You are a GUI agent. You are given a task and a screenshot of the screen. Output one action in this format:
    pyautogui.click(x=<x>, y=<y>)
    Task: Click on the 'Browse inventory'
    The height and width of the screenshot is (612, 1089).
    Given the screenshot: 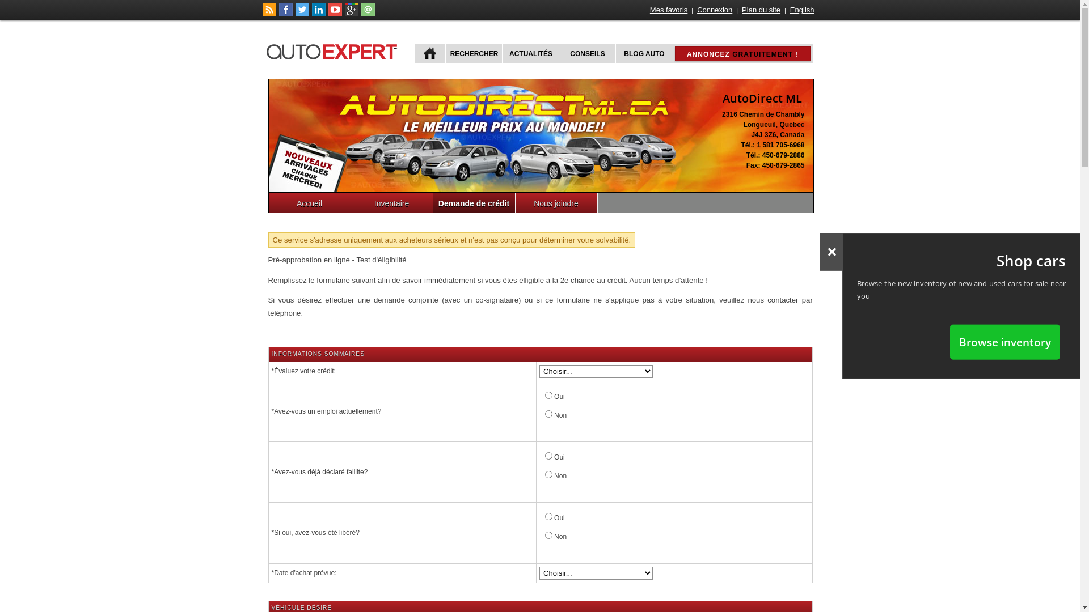 What is the action you would take?
    pyautogui.click(x=1004, y=341)
    